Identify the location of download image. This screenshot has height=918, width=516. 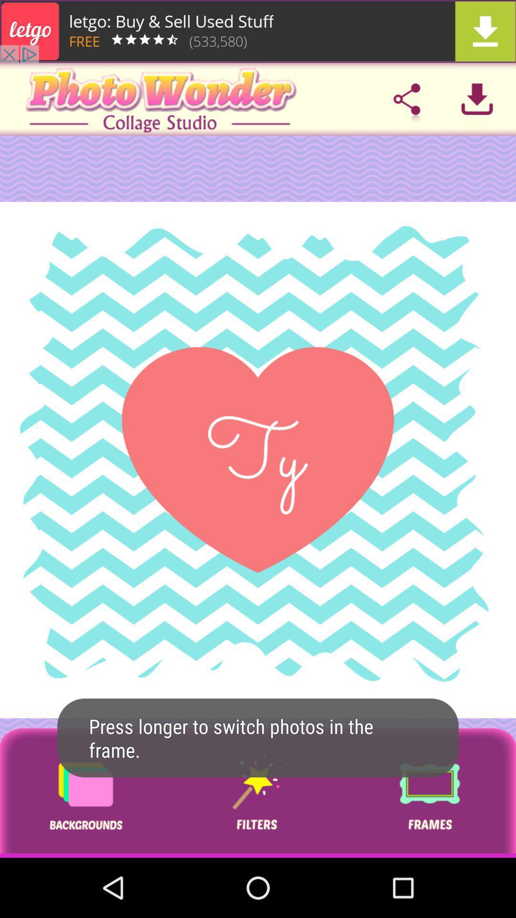
(477, 99).